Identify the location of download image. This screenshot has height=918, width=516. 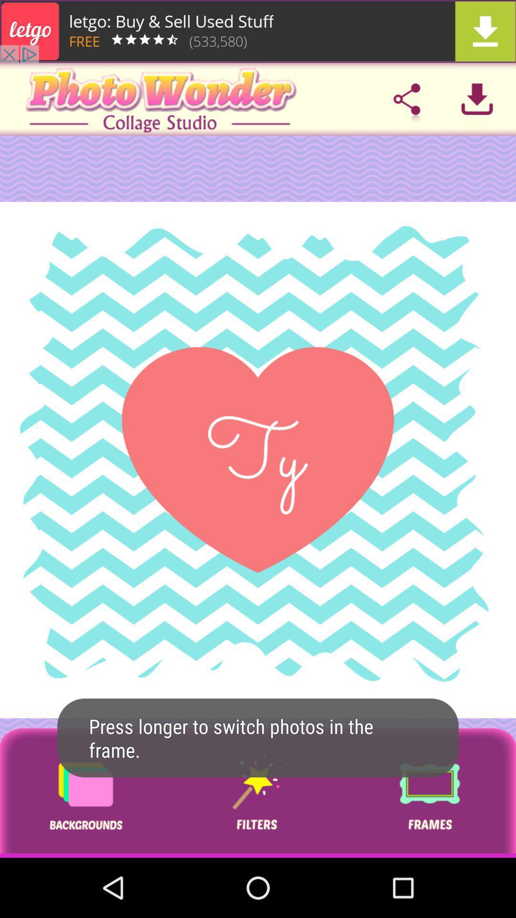
(477, 99).